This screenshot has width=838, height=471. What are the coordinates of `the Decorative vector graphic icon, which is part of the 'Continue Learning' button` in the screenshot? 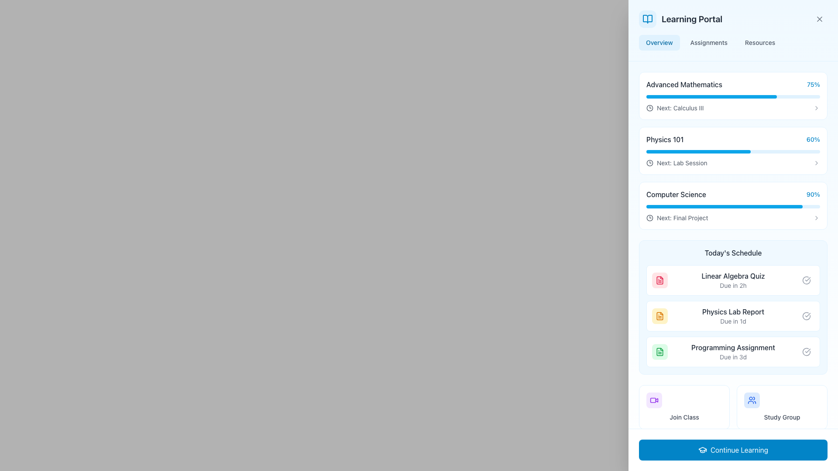 It's located at (752, 451).